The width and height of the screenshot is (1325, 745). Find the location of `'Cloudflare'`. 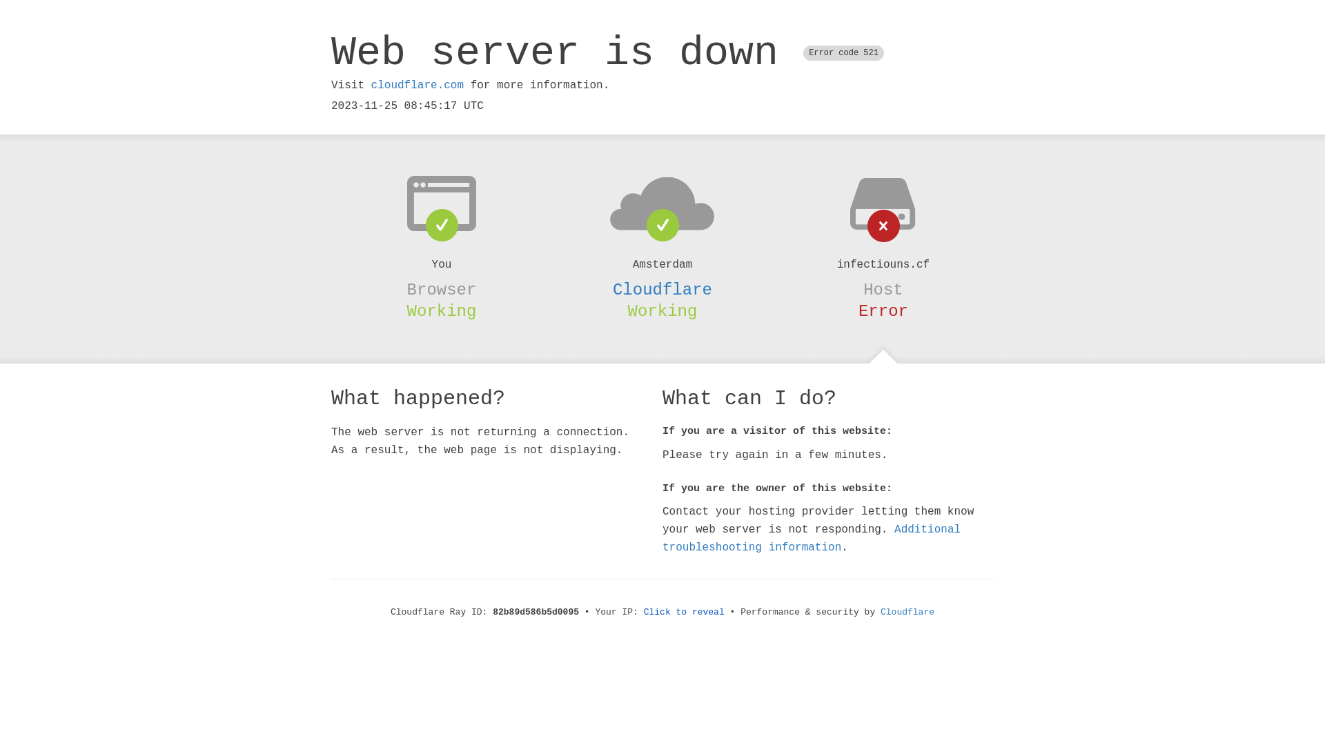

'Cloudflare' is located at coordinates (907, 611).